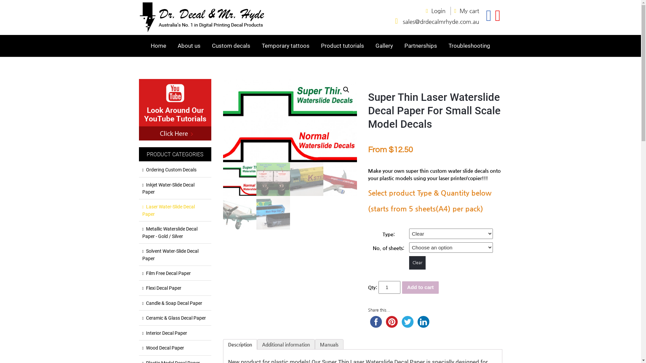 This screenshot has height=363, width=646. What do you see at coordinates (441, 10) in the screenshot?
I see `'Login'` at bounding box center [441, 10].